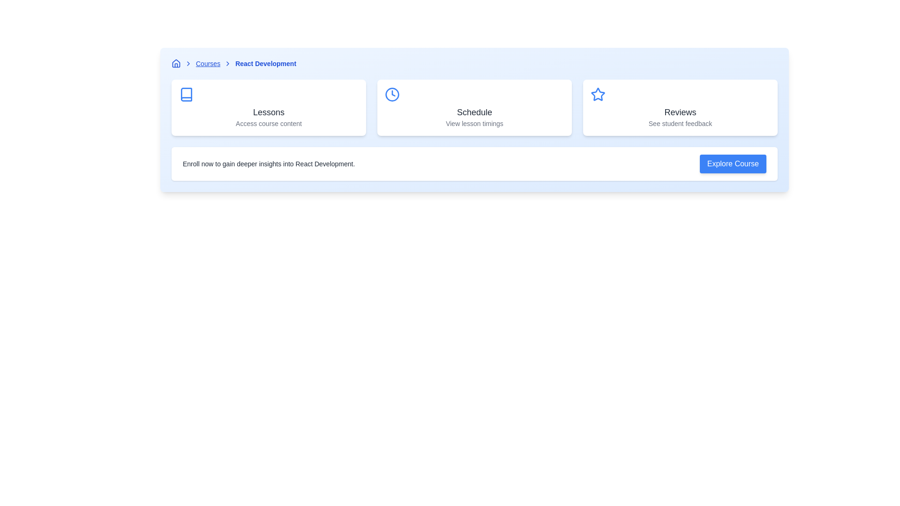 The image size is (900, 506). I want to click on the 'Lessons' icon located at the top-left corner of the white rectangular card, which visually represents educational content, so click(187, 94).